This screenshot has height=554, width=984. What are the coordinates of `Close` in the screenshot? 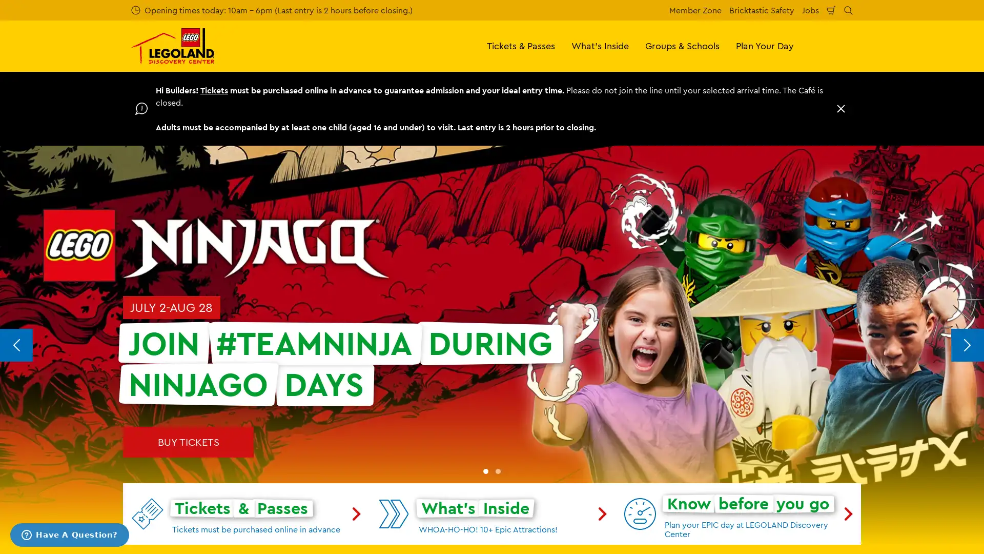 It's located at (841, 109).